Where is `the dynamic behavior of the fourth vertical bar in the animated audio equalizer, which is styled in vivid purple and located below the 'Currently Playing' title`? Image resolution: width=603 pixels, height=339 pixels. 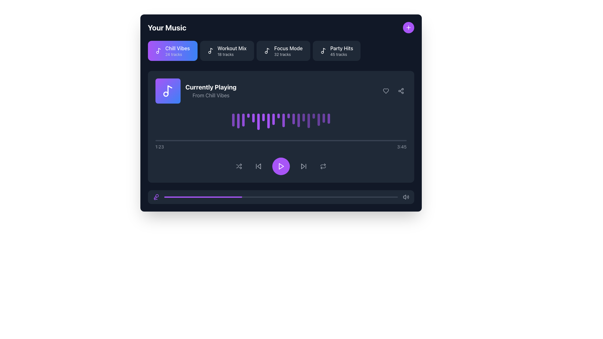
the dynamic behavior of the fourth vertical bar in the animated audio equalizer, which is styled in vivid purple and located below the 'Currently Playing' title is located at coordinates (248, 116).